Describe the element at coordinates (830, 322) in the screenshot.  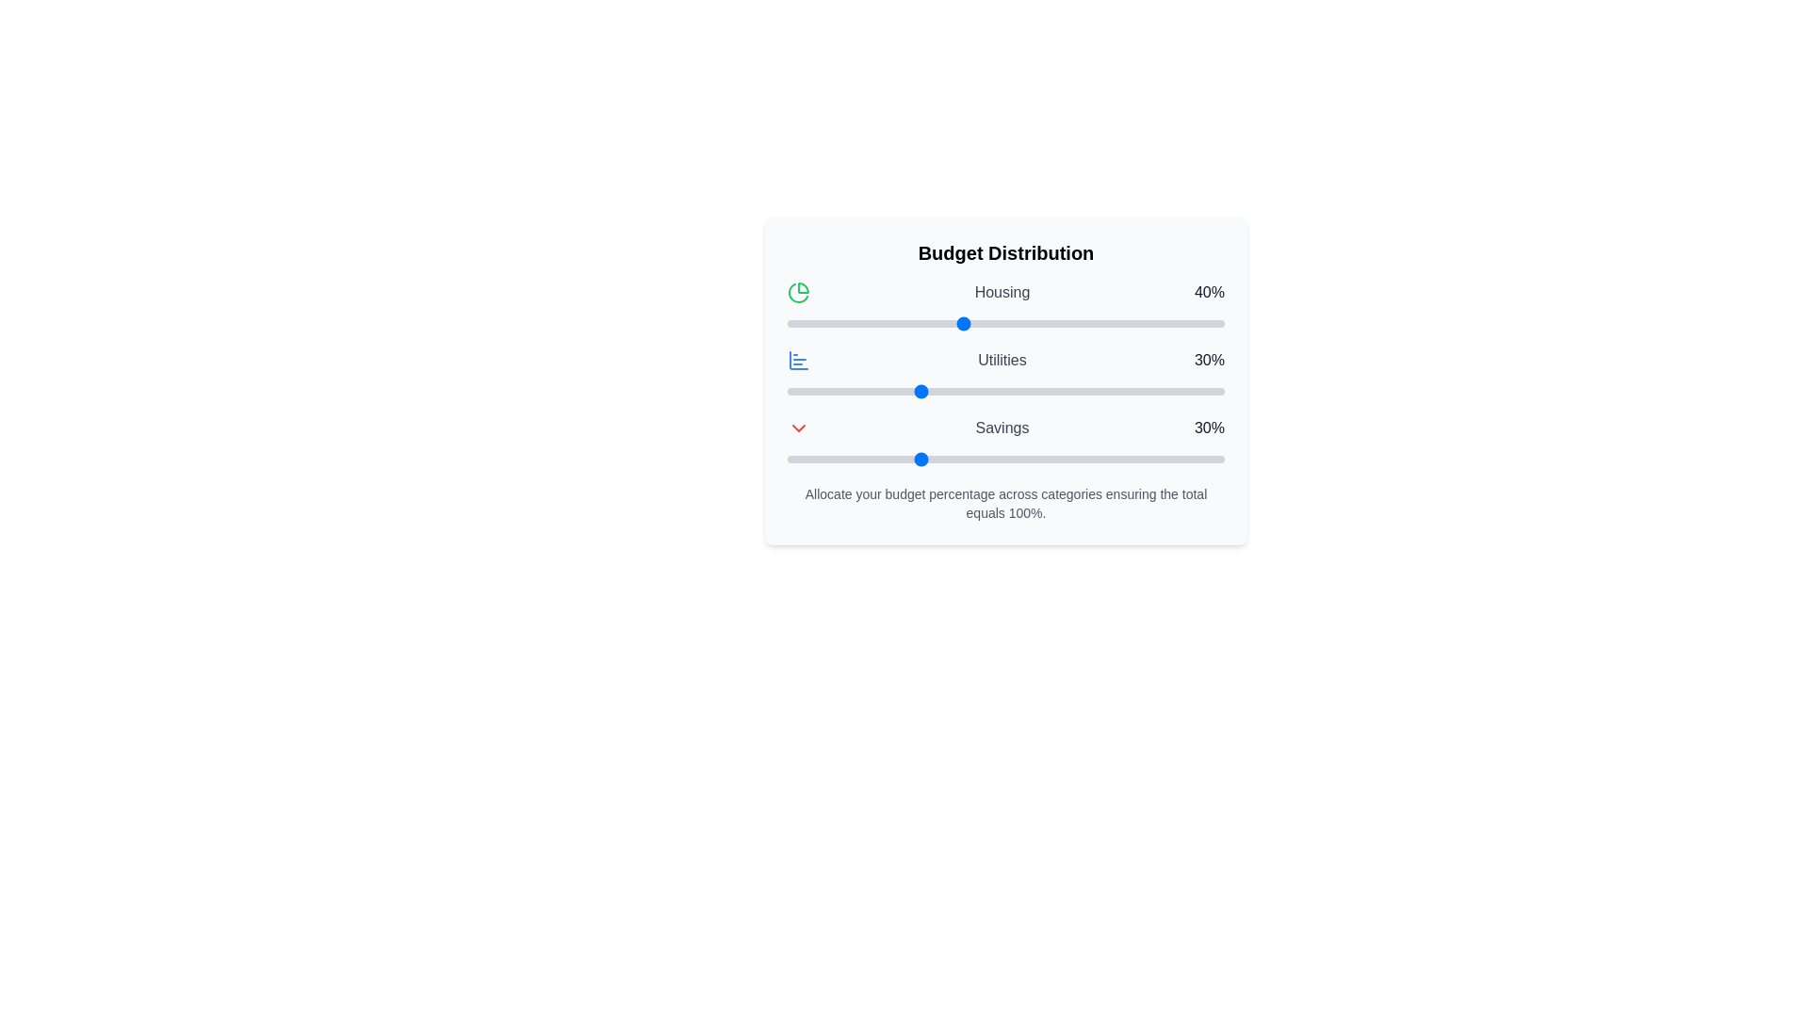
I see `housing budget` at that location.